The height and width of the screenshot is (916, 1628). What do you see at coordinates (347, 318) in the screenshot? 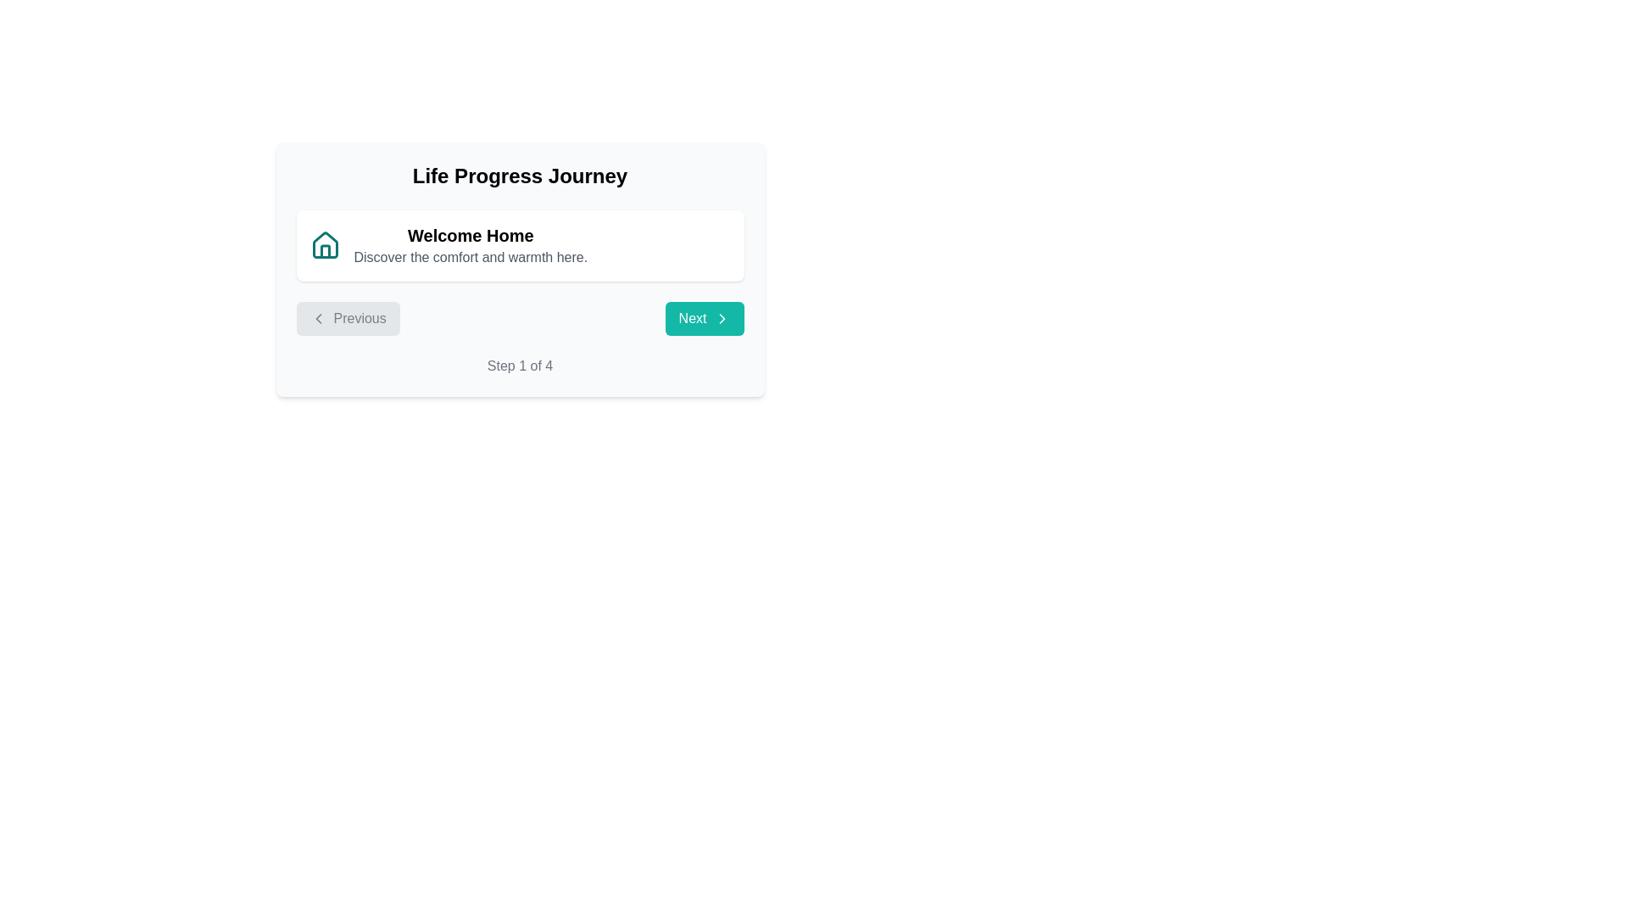
I see `the 'Previous' button with a rounded appearance and gray background, located on the left side of the navigation area` at bounding box center [347, 318].